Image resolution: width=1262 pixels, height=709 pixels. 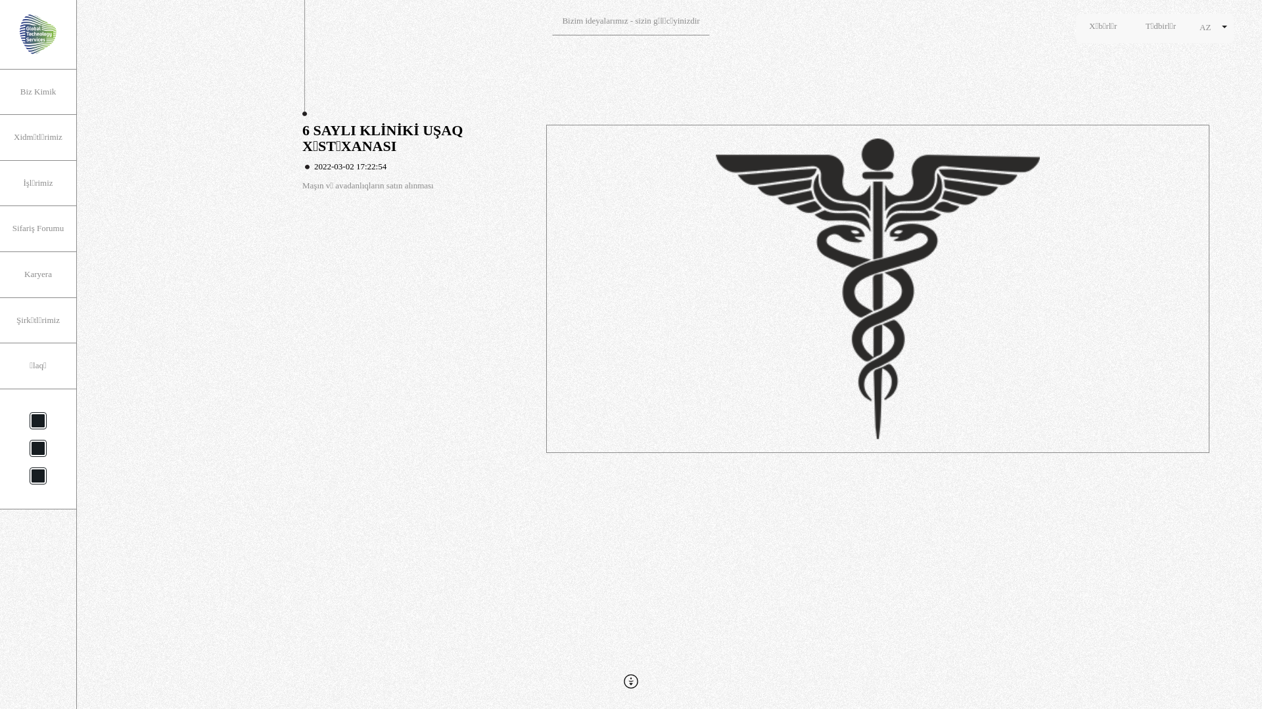 What do you see at coordinates (0, 91) in the screenshot?
I see `'Biz Kimik'` at bounding box center [0, 91].